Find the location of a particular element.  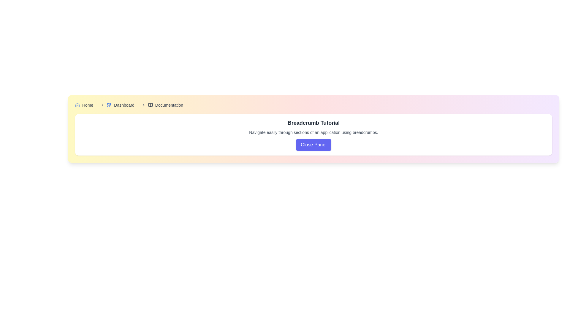

the 'Home' text label in the breadcrumb navigation bar located at the top-left corner of the page is located at coordinates (87, 105).